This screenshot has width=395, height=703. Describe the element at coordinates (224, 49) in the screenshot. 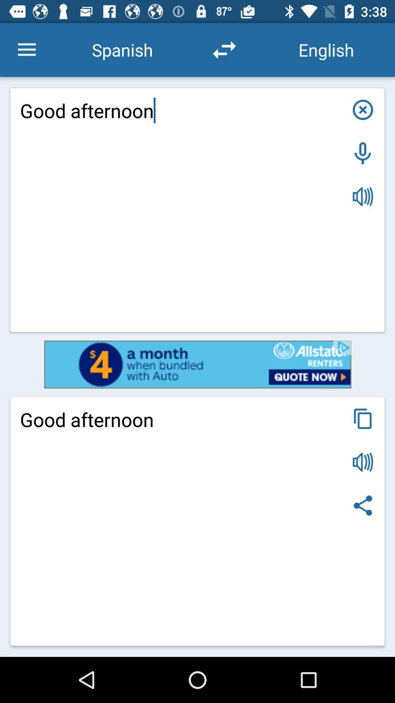

I see `arrow` at that location.